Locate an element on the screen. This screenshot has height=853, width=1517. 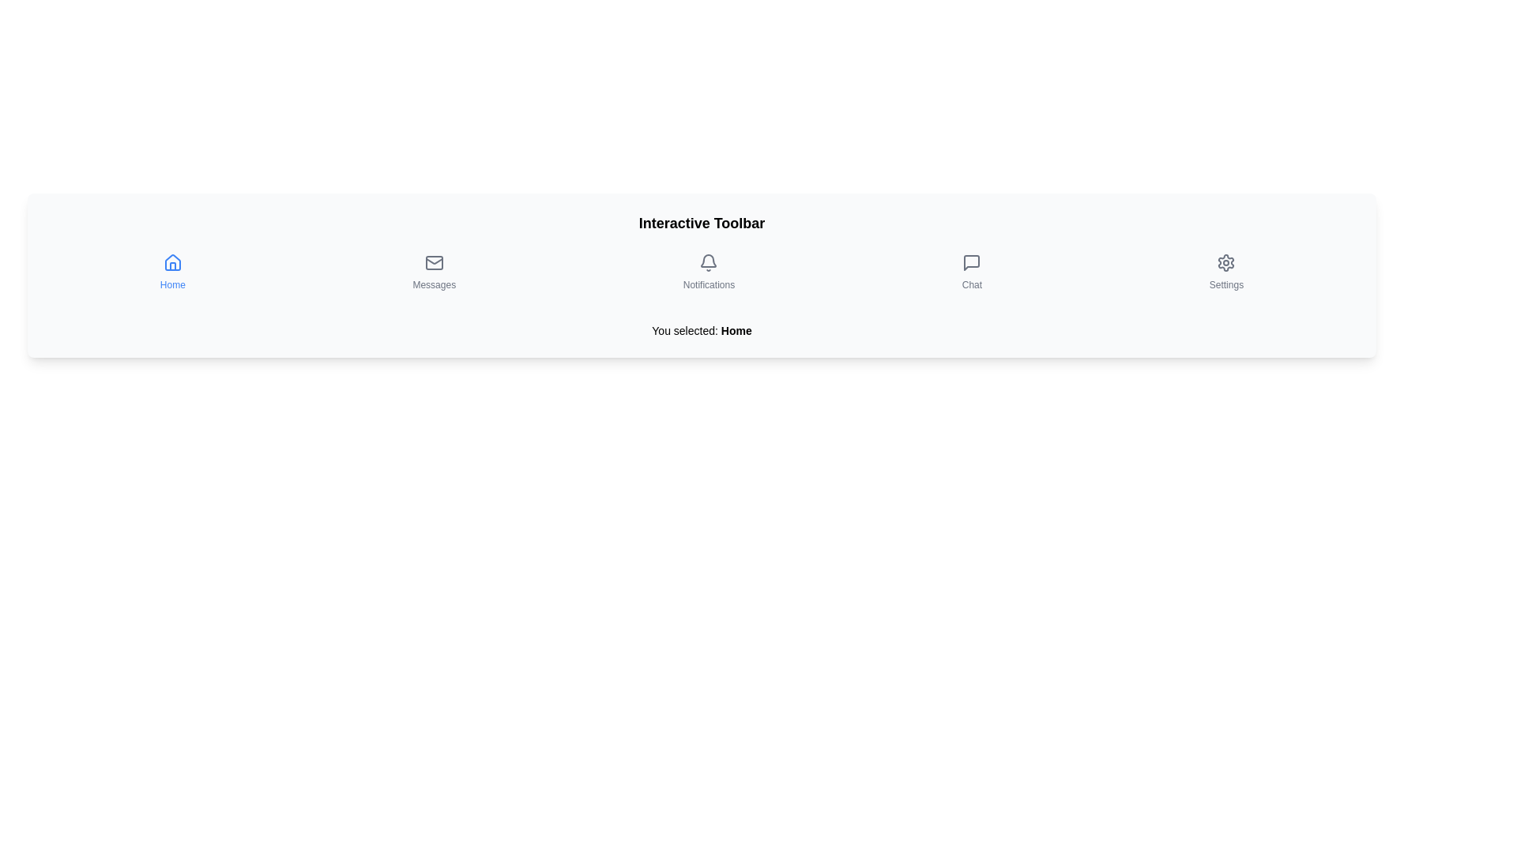
emphasized text indicating the user's current selection, which displays 'You selected: Home' located centrally below the toolbar area is located at coordinates (736, 330).